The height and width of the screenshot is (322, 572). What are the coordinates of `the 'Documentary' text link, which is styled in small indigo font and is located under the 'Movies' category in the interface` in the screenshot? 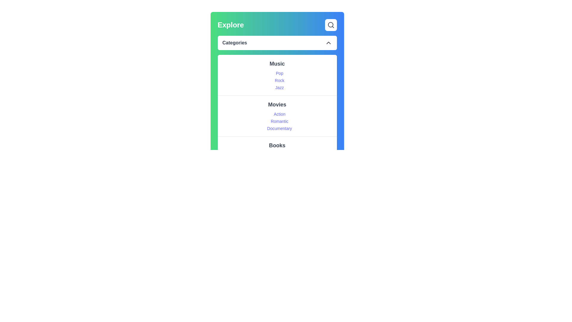 It's located at (279, 128).